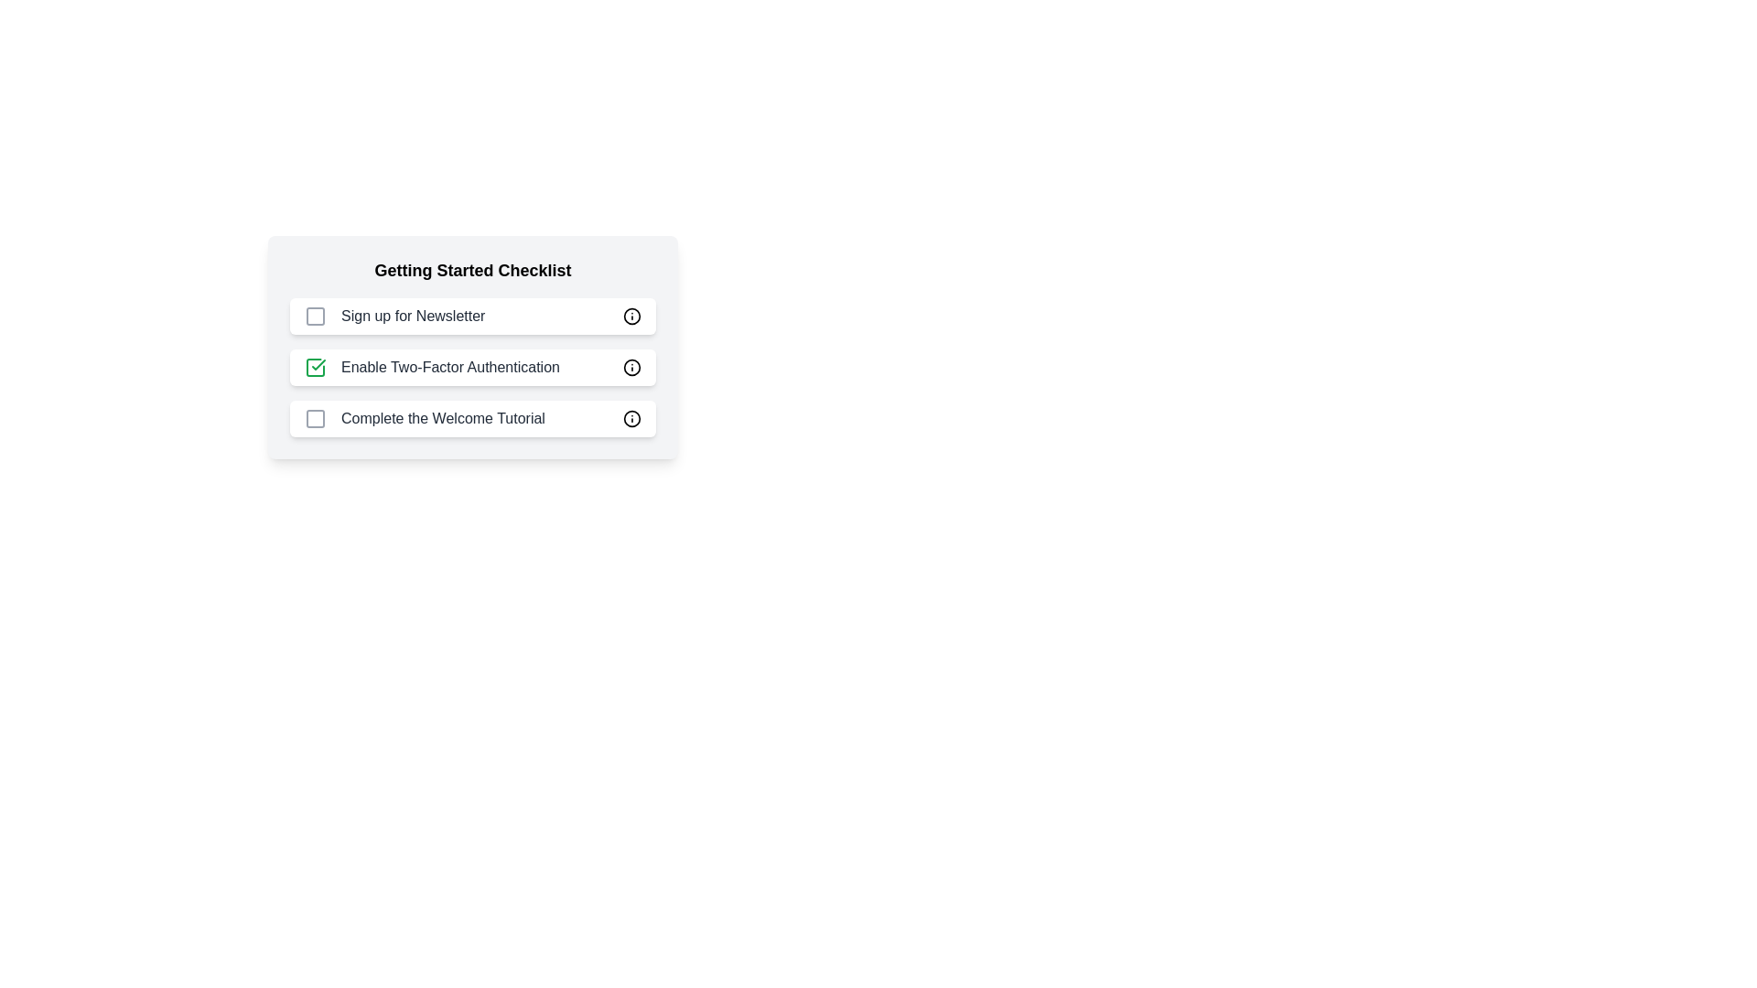 Image resolution: width=1757 pixels, height=988 pixels. What do you see at coordinates (393, 316) in the screenshot?
I see `the label text associated with the first checkbox` at bounding box center [393, 316].